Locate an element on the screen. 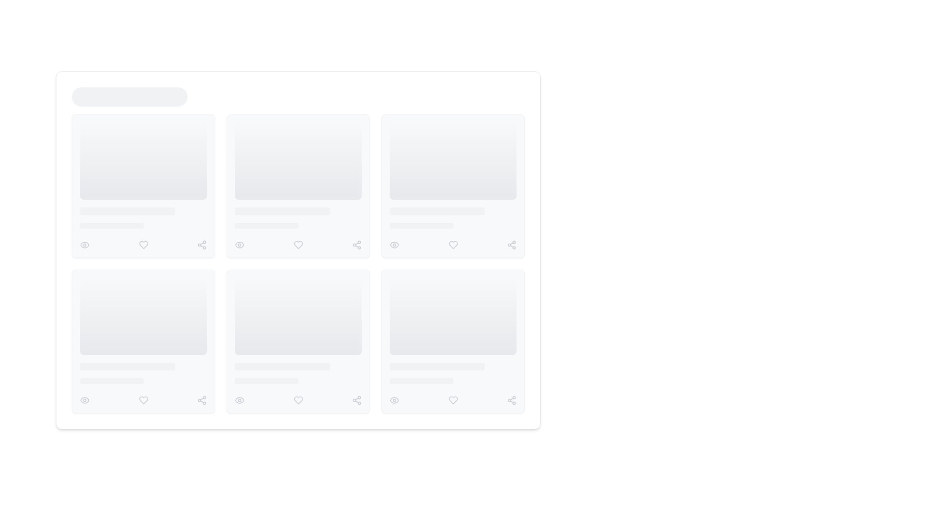 The image size is (926, 521). details of the elliptical icon with a hollow, eye-like appearance that has a gray outline, located in the second row, third column of the grid layout is located at coordinates (394, 245).